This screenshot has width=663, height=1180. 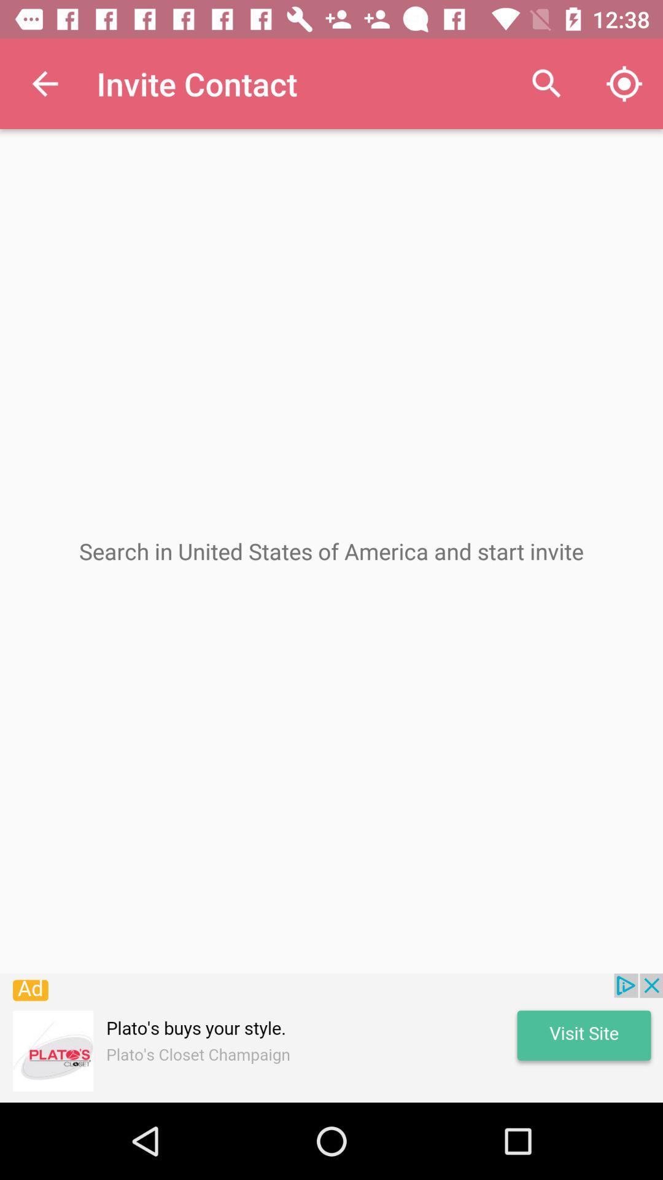 I want to click on advertisement from outside source, so click(x=331, y=1037).